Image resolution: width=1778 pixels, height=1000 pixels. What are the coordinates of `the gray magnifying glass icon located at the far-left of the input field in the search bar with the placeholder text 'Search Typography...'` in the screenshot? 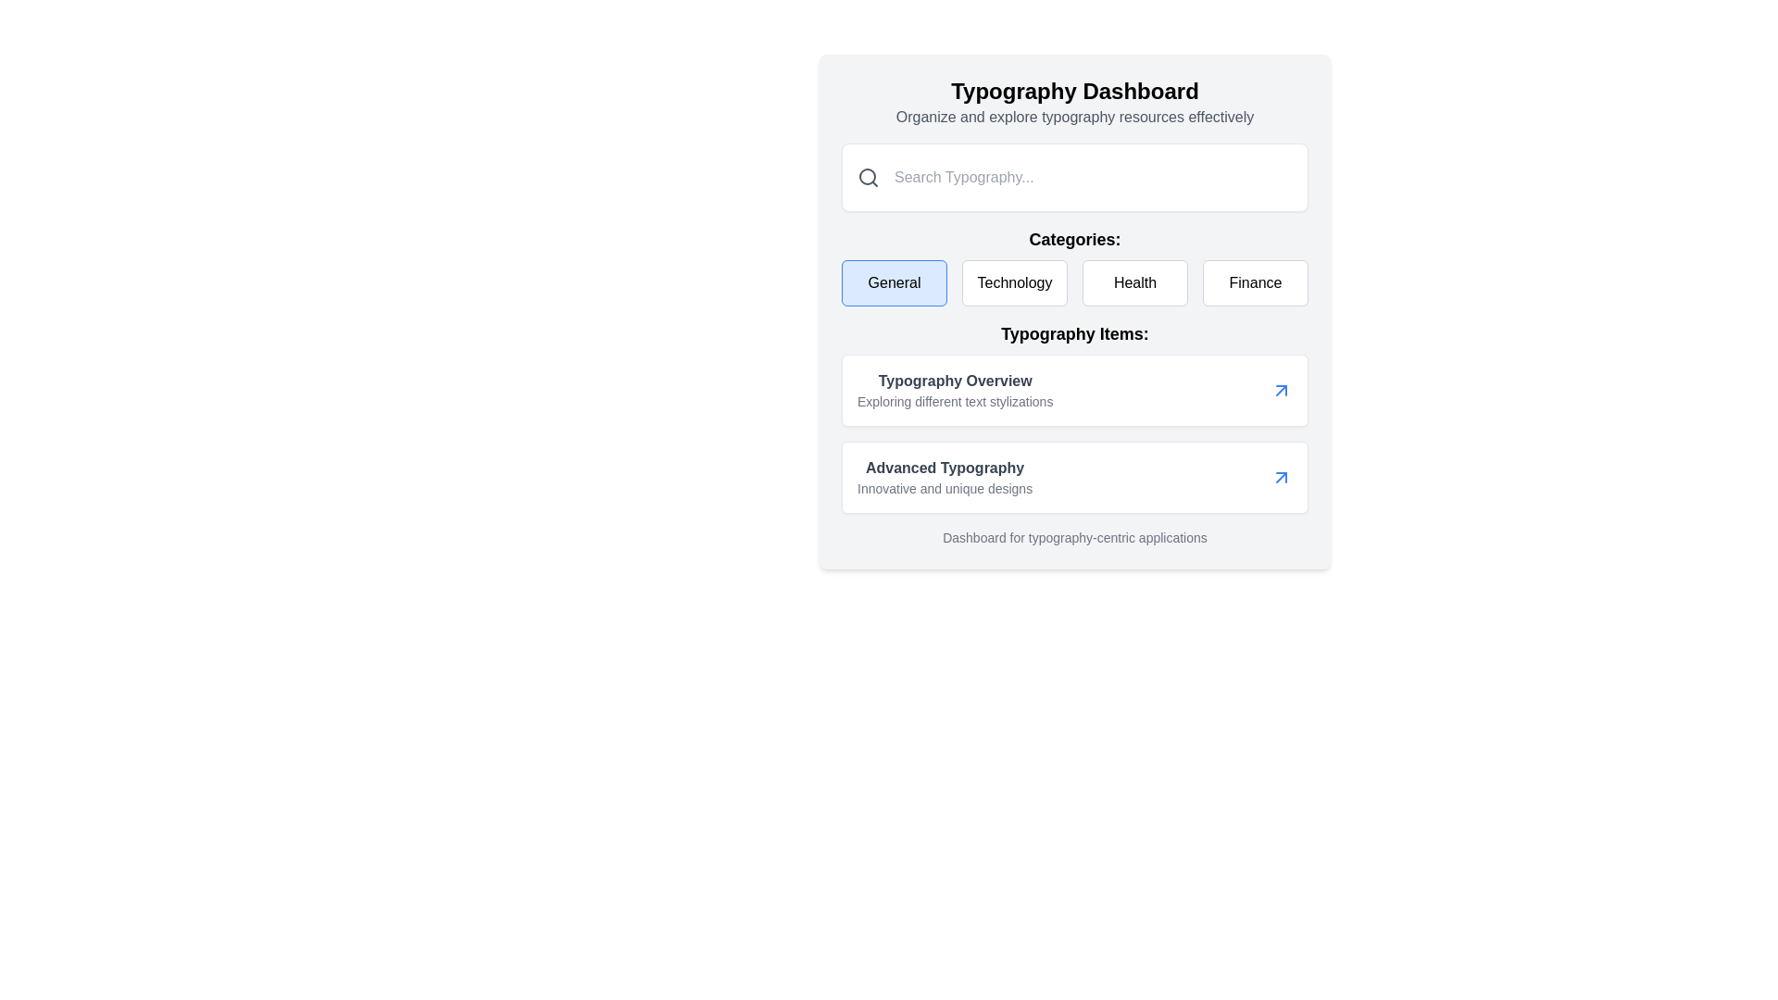 It's located at (867, 178).